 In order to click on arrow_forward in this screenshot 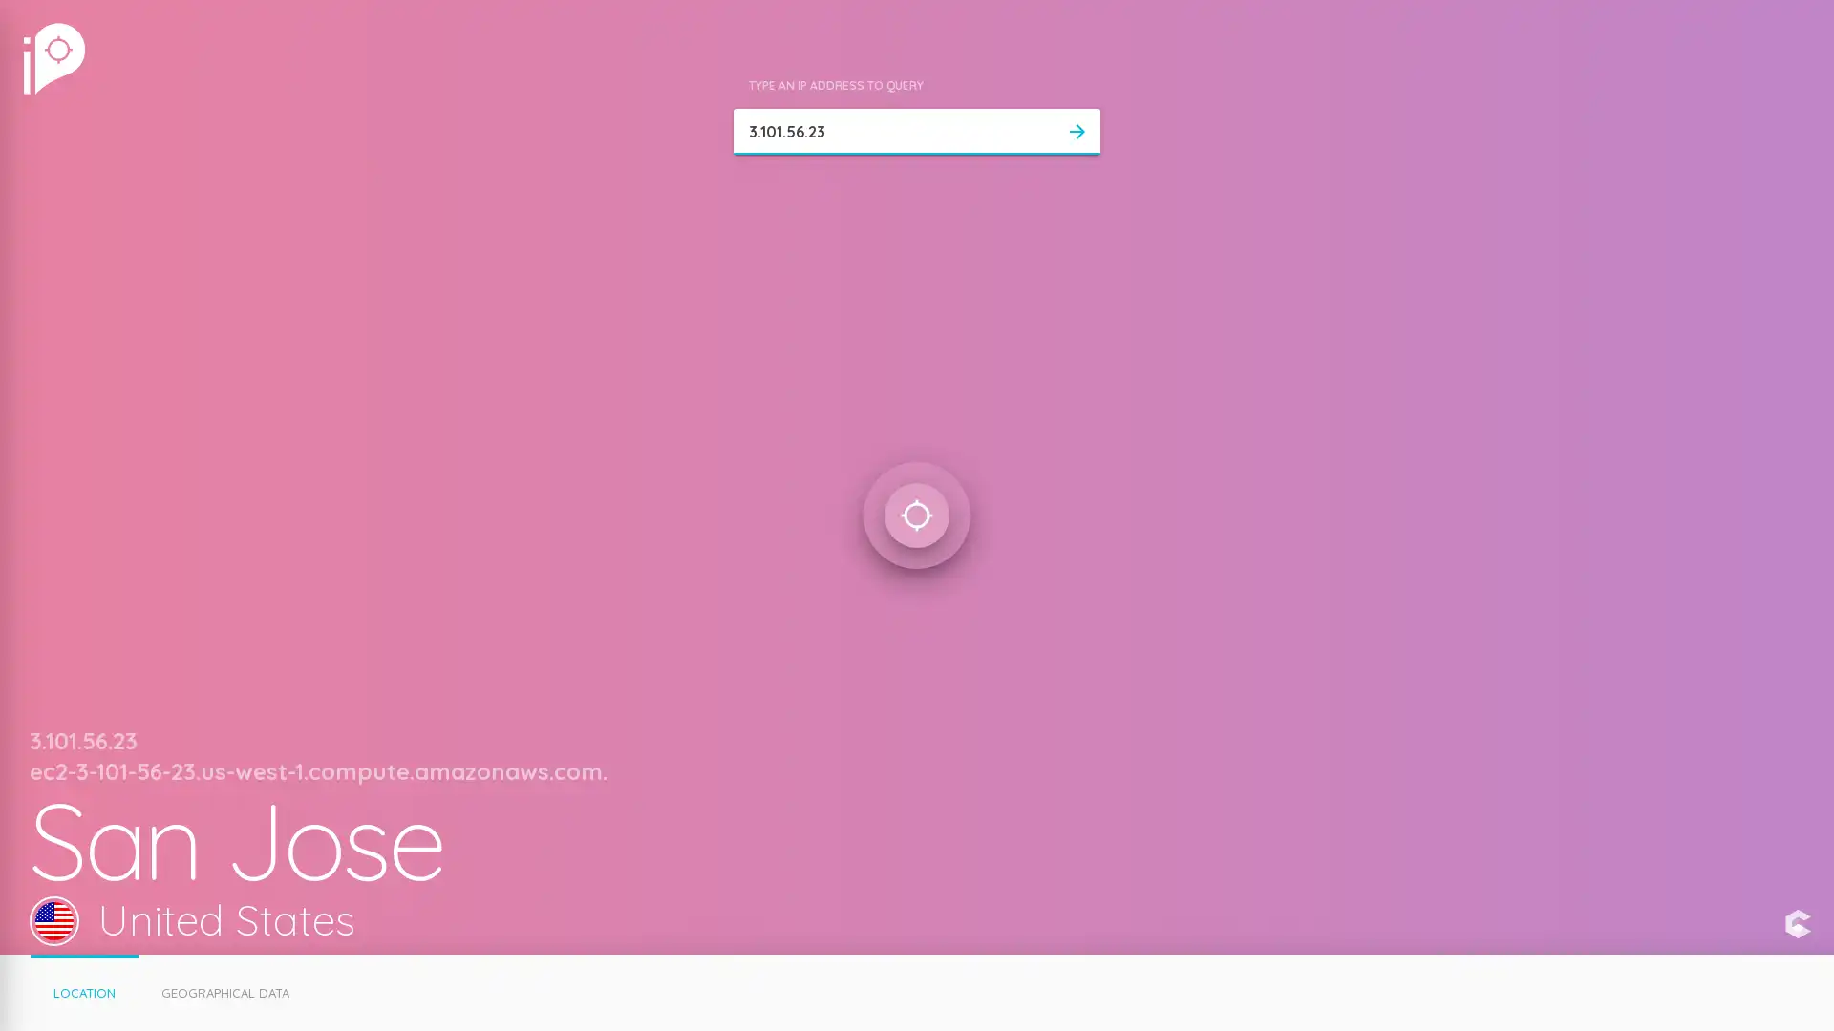, I will do `click(1077, 131)`.